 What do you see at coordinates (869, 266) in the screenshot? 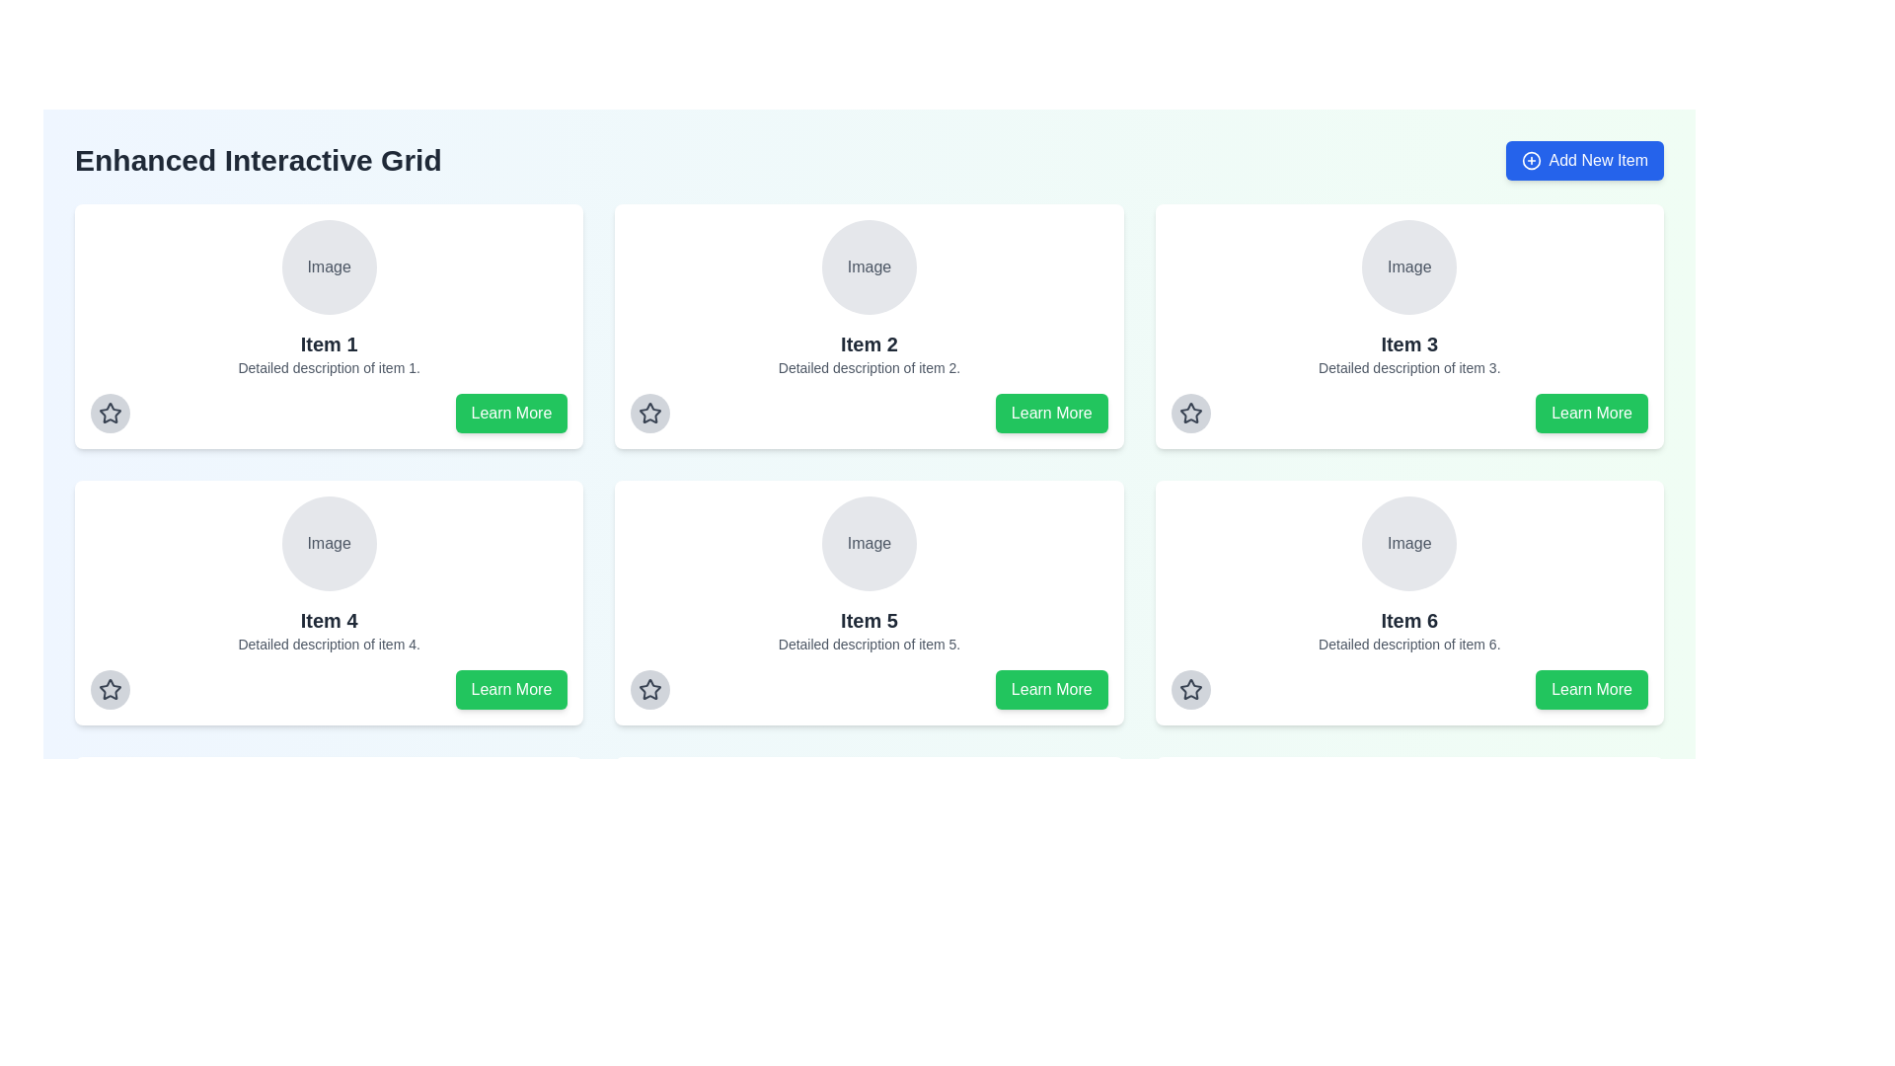
I see `the circular image placeholder labeled 'Image' with a light gray background, positioned at the top-middle section of the card labeled 'Item 2'` at bounding box center [869, 266].